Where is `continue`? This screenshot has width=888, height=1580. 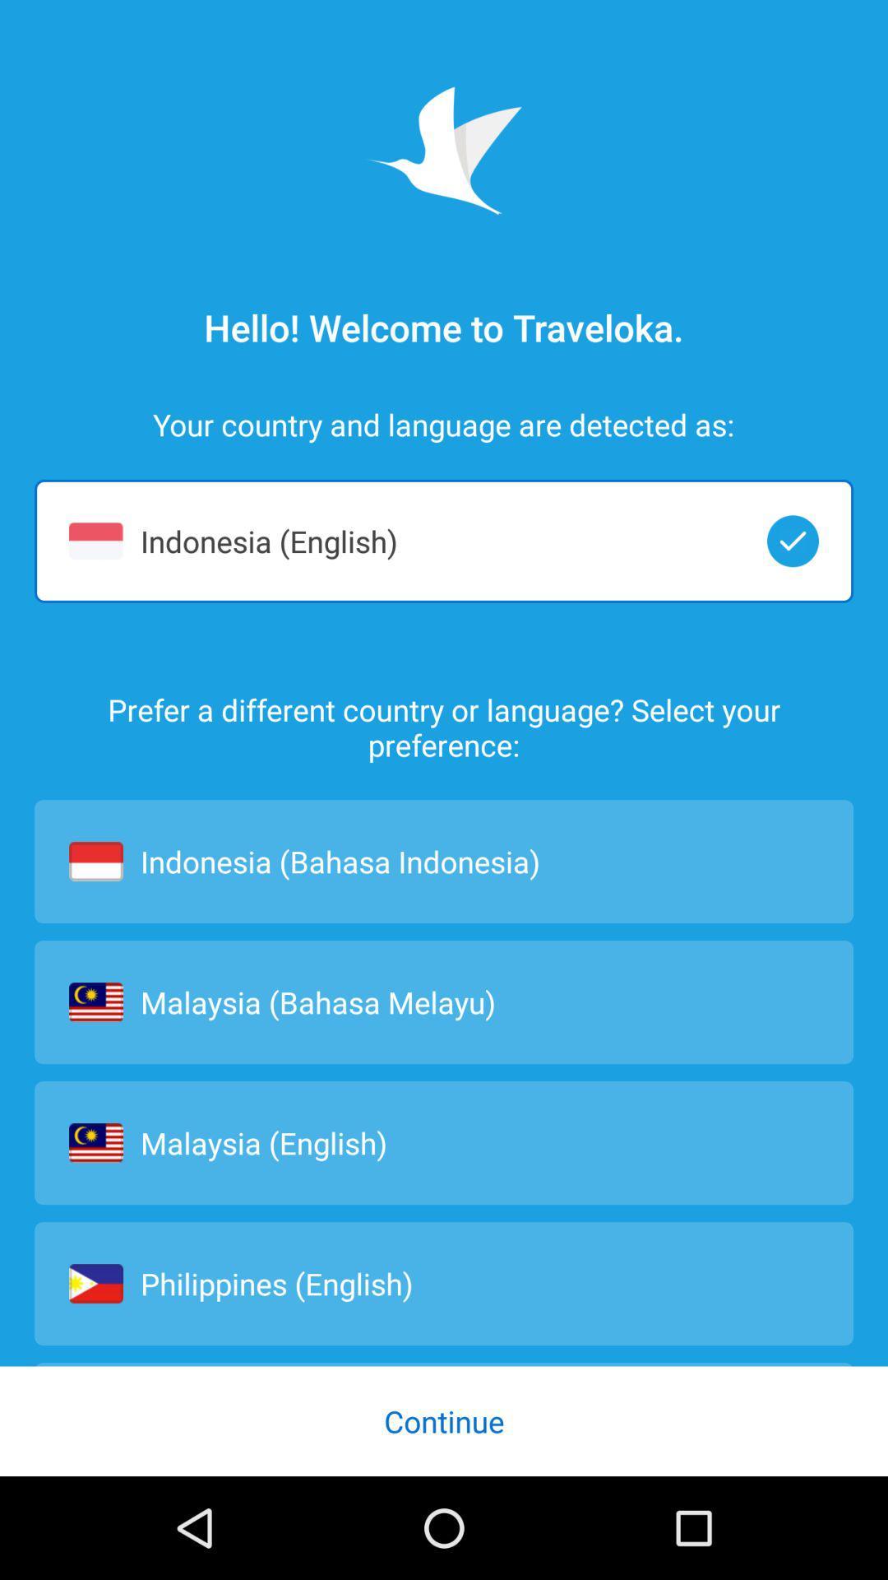
continue is located at coordinates (444, 1420).